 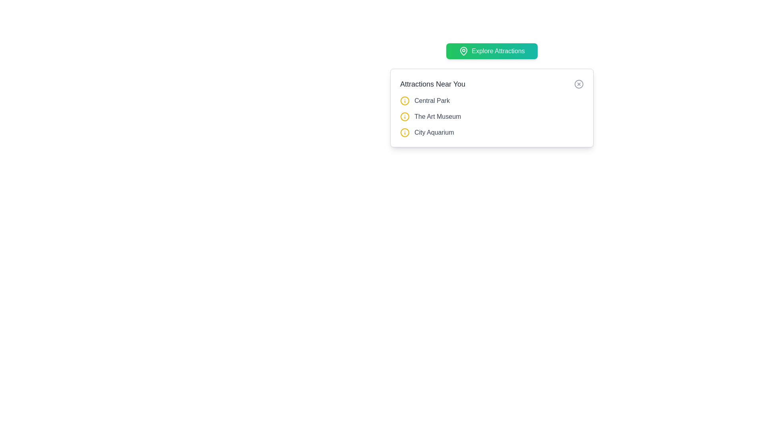 What do you see at coordinates (492, 51) in the screenshot?
I see `the green button labeled 'Explore Attractions' with a map pin icon` at bounding box center [492, 51].